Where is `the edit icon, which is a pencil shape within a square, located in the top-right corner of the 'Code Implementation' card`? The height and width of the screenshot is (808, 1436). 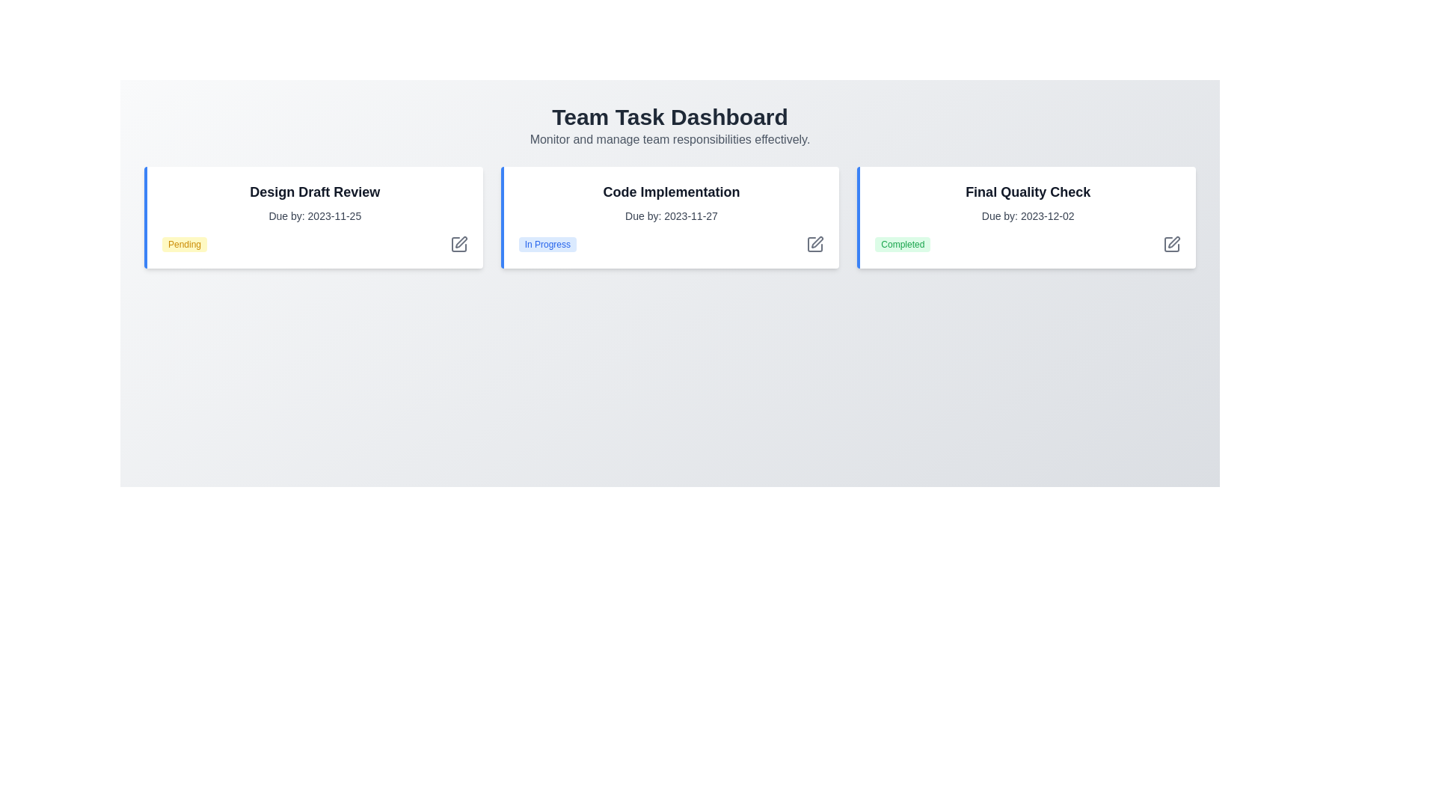
the edit icon, which is a pencil shape within a square, located in the top-right corner of the 'Code Implementation' card is located at coordinates (814, 244).